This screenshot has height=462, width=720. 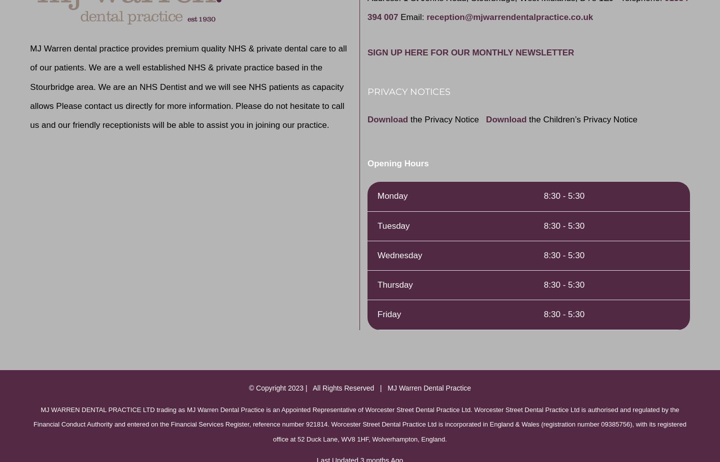 I want to click on ':', so click(x=423, y=16).